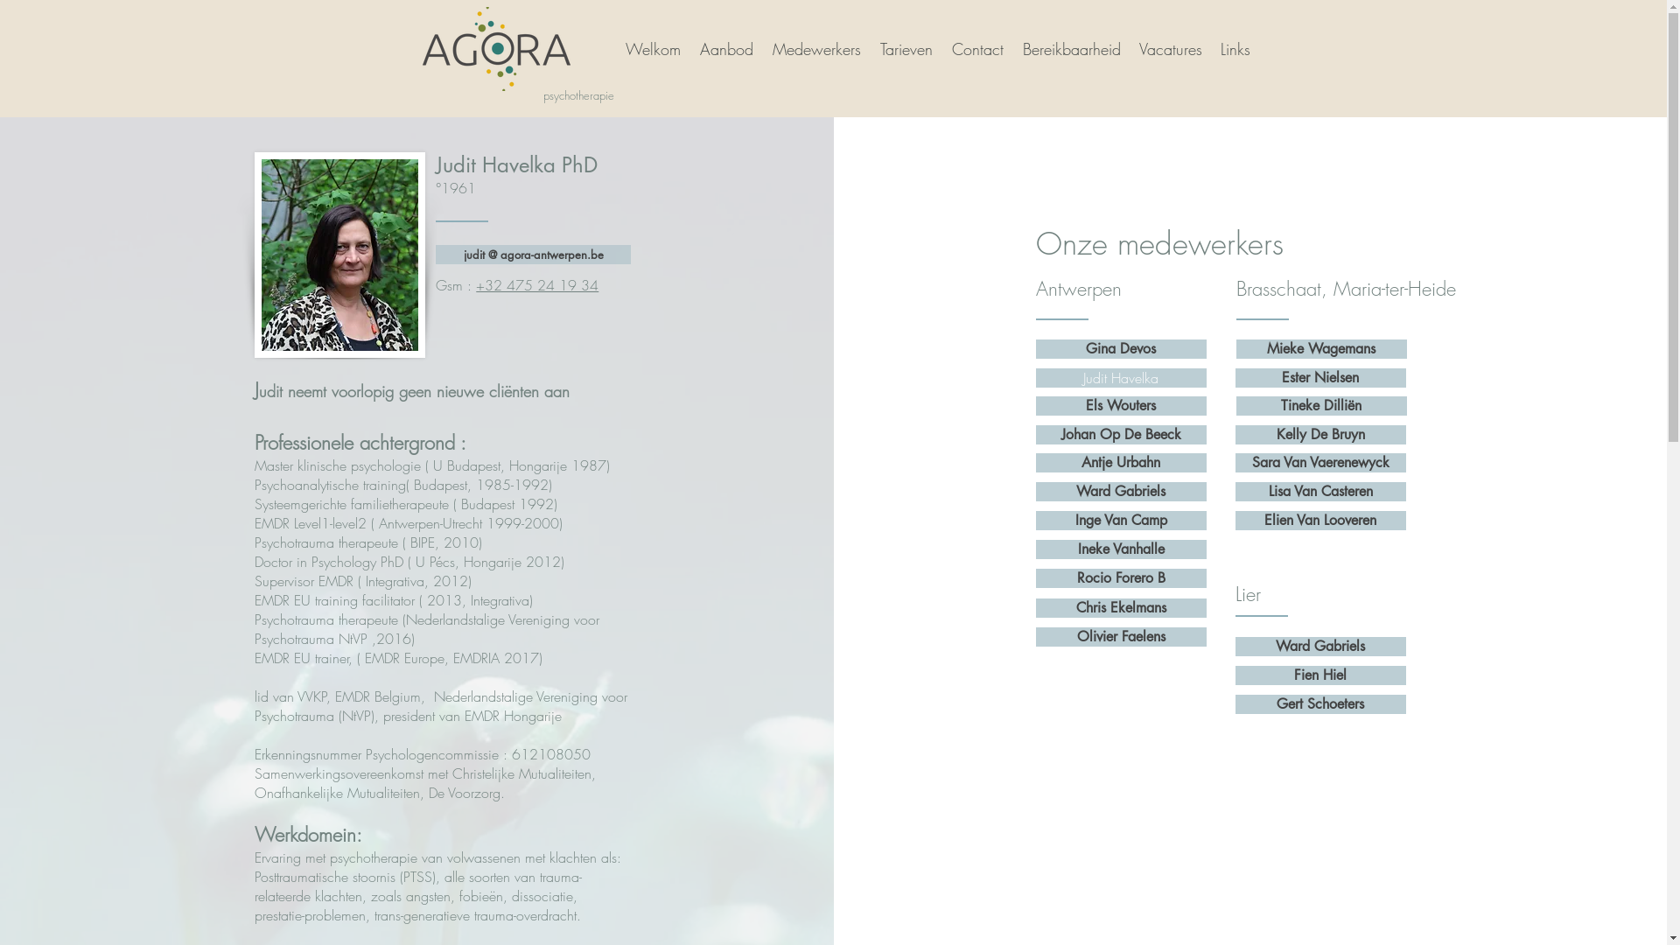  I want to click on 'Kelly De Bruyn', so click(1320, 434).